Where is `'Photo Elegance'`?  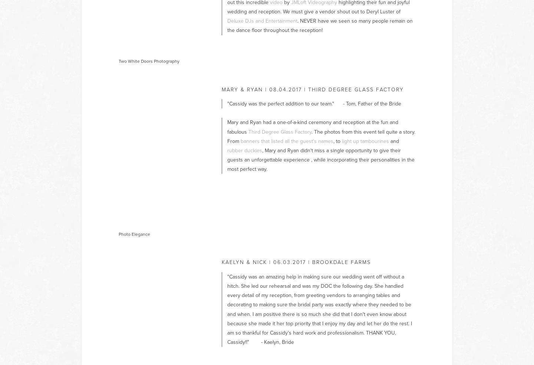 'Photo Elegance' is located at coordinates (118, 234).